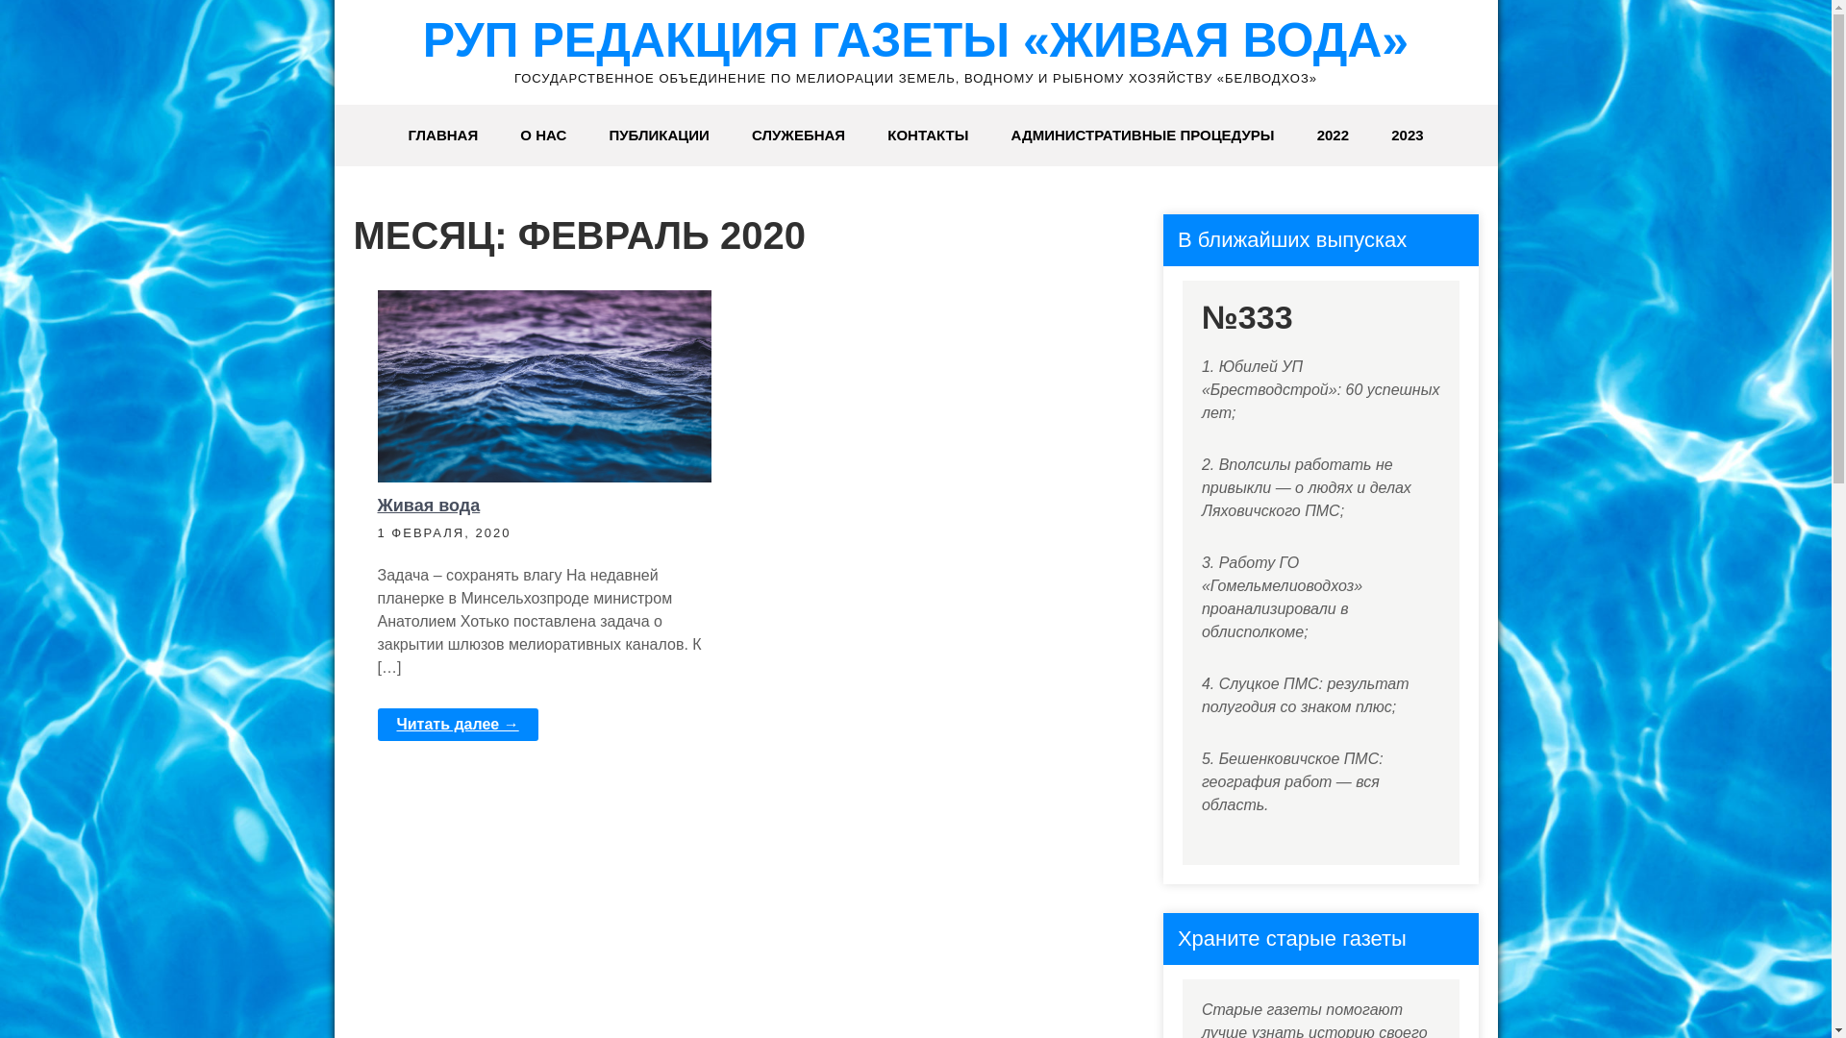 The height and width of the screenshot is (1038, 1846). Describe the element at coordinates (1407, 135) in the screenshot. I see `'2023'` at that location.